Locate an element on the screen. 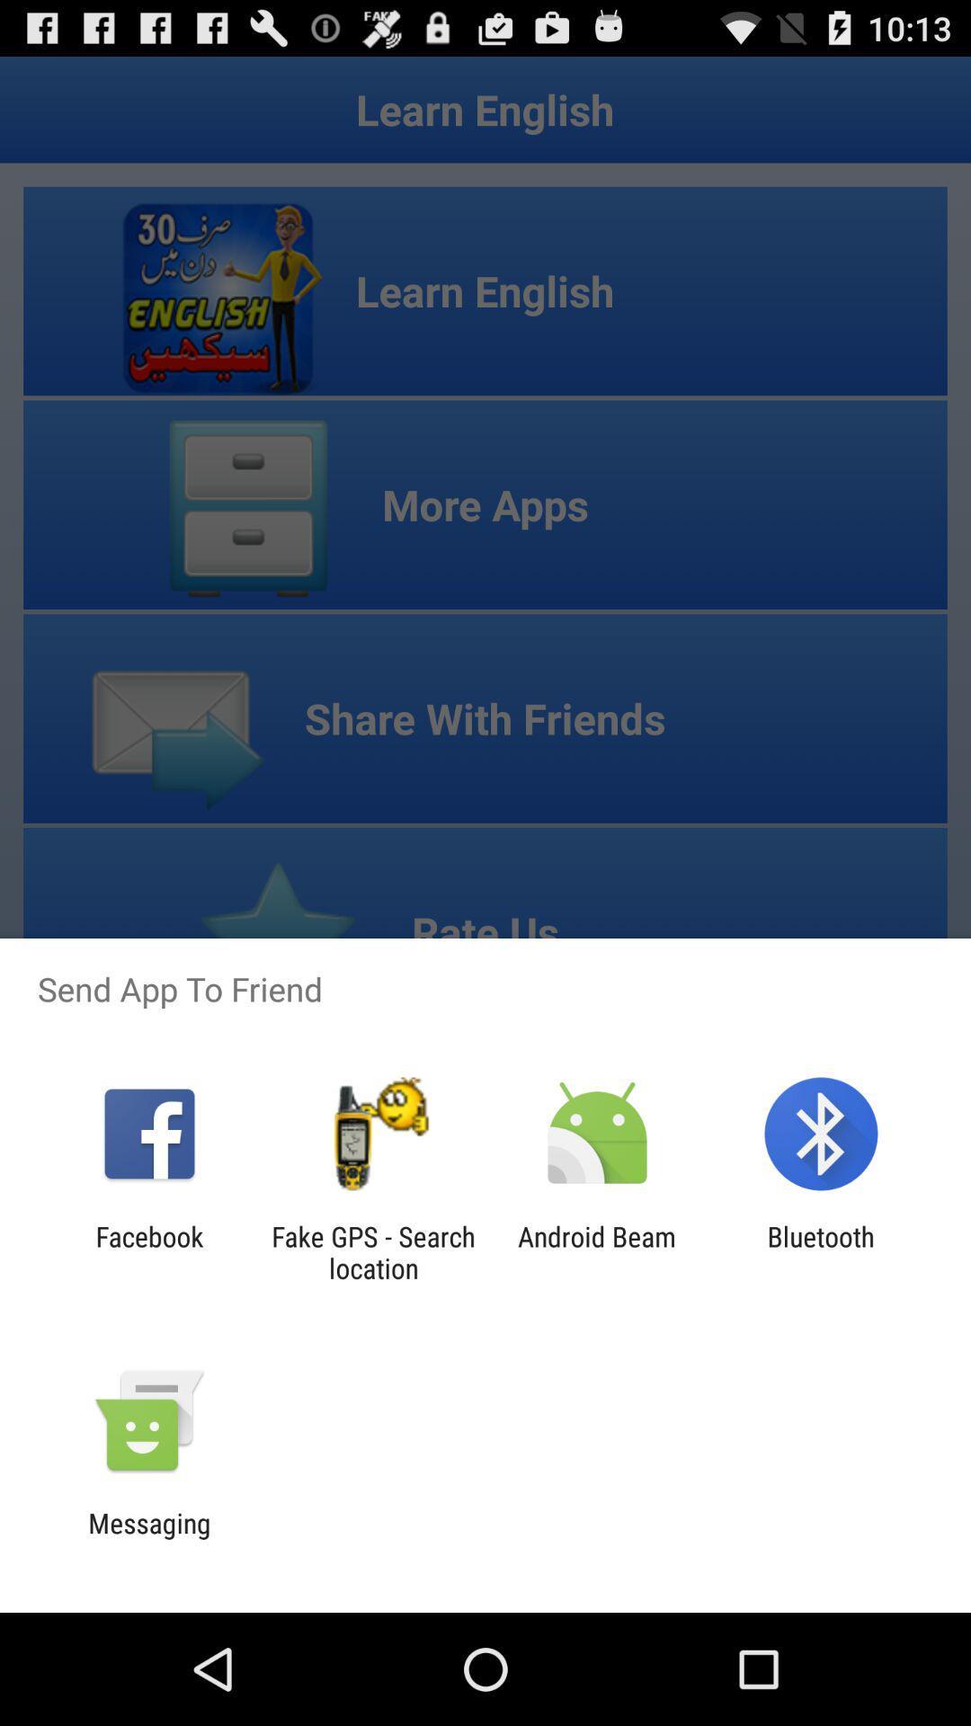  the app to the right of the facebook item is located at coordinates (372, 1251).